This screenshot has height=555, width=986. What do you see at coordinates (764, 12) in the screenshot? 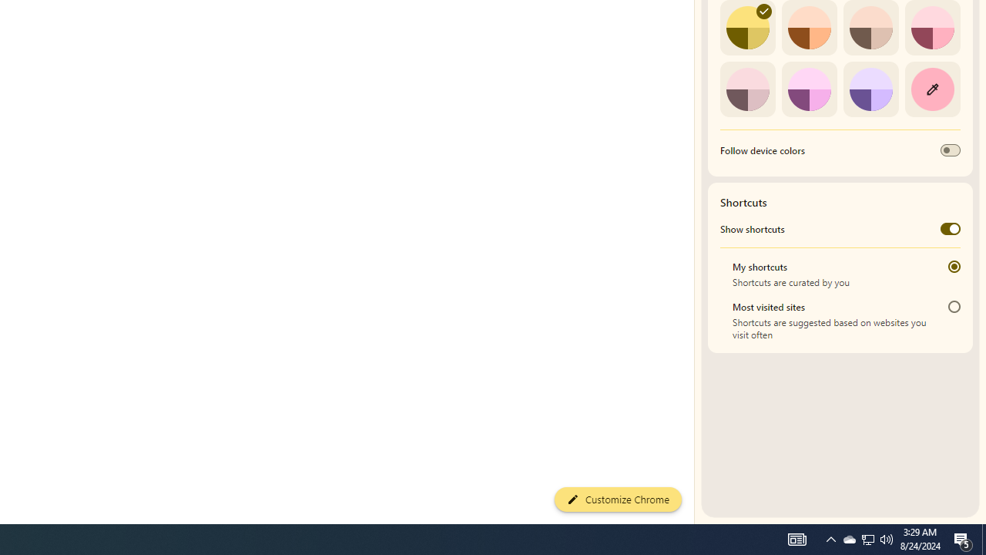
I see `'AutomationID: svg'` at bounding box center [764, 12].